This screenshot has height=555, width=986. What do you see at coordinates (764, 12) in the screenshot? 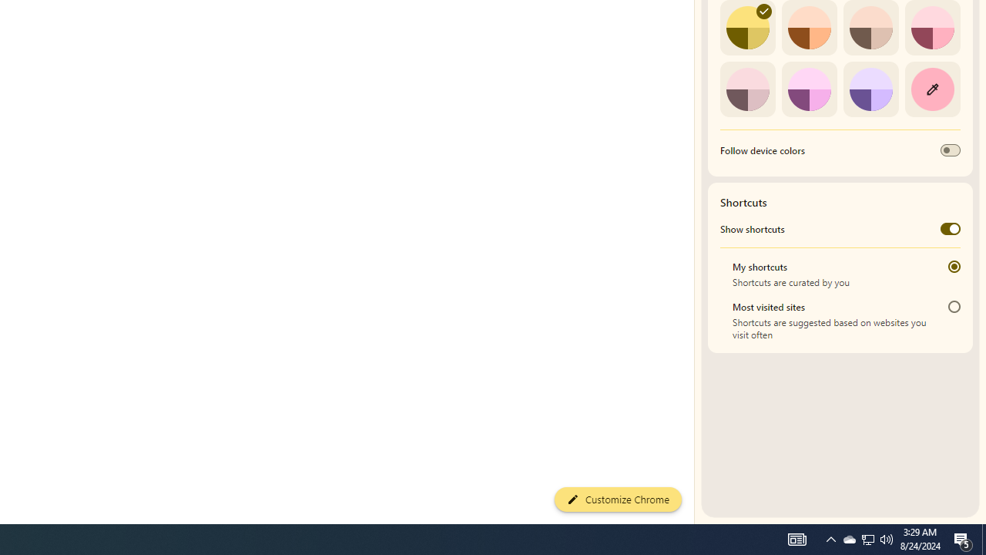
I see `'AutomationID: svg'` at bounding box center [764, 12].